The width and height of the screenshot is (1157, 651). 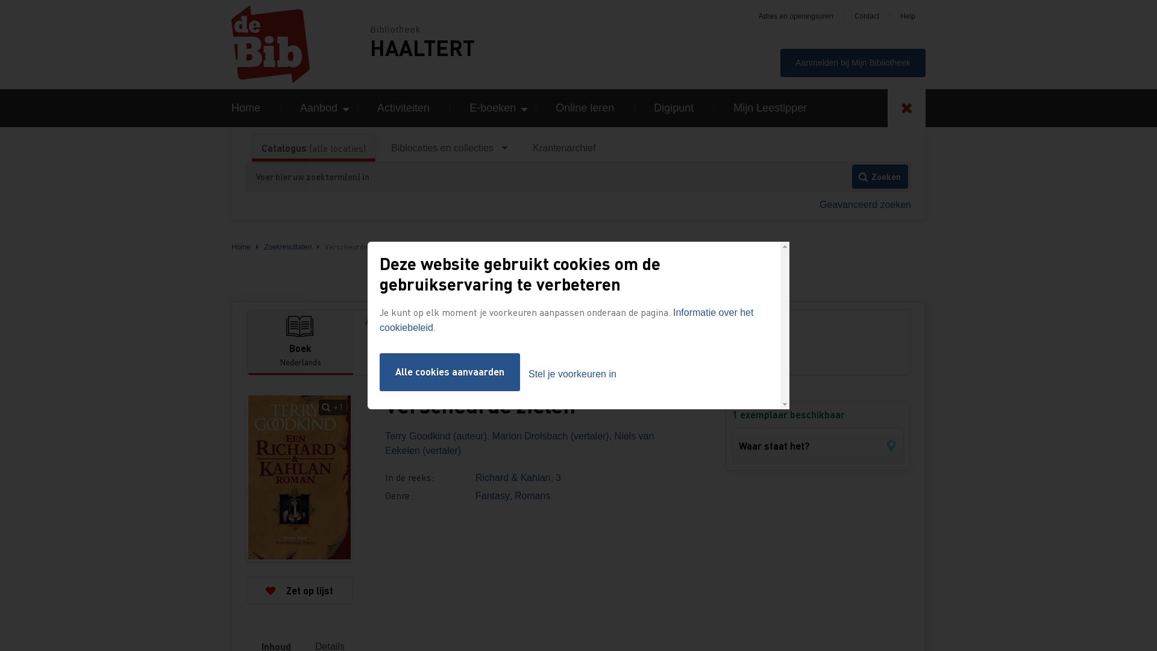 I want to click on 'Andere formaten', so click(x=364, y=321).